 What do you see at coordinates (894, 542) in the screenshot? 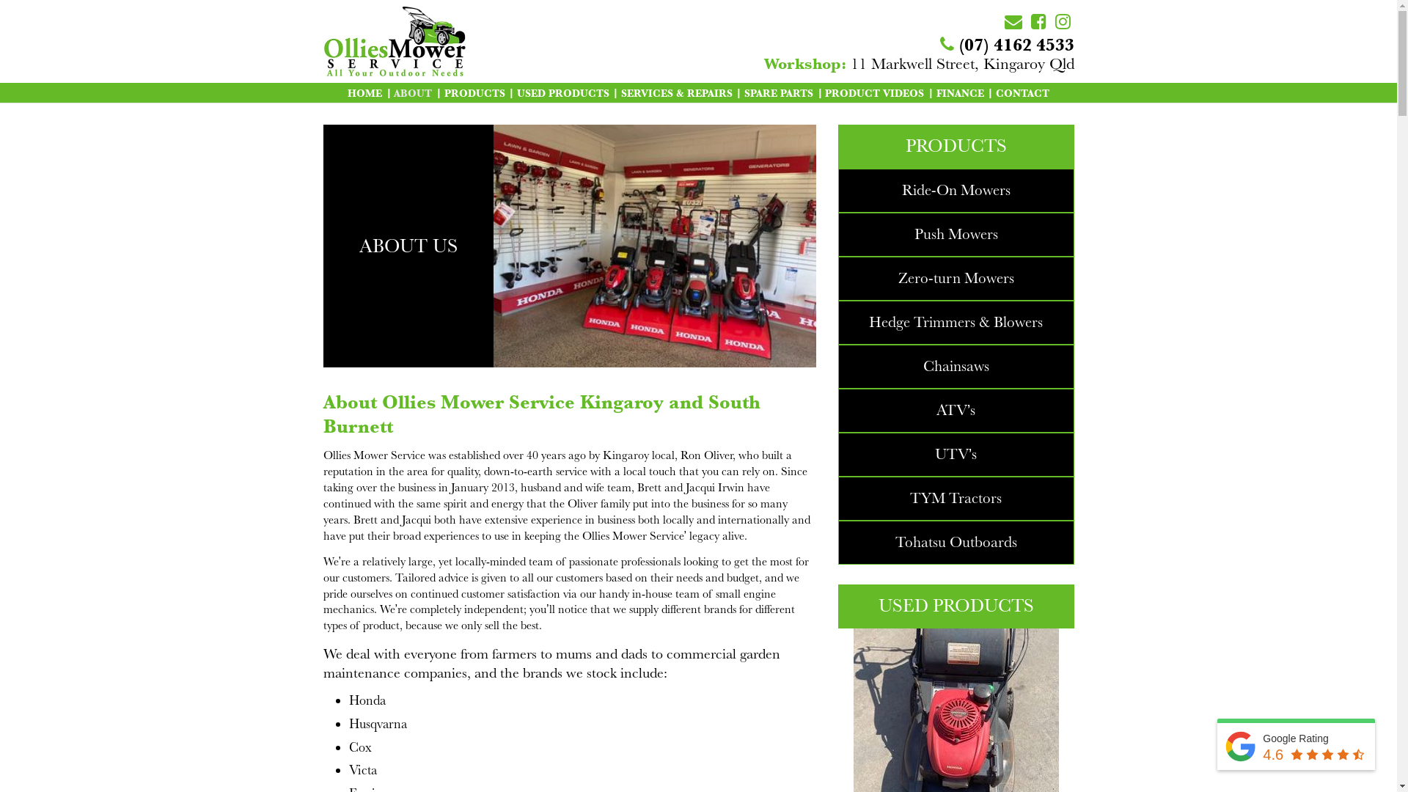
I see `'Tohatsu Outboards'` at bounding box center [894, 542].